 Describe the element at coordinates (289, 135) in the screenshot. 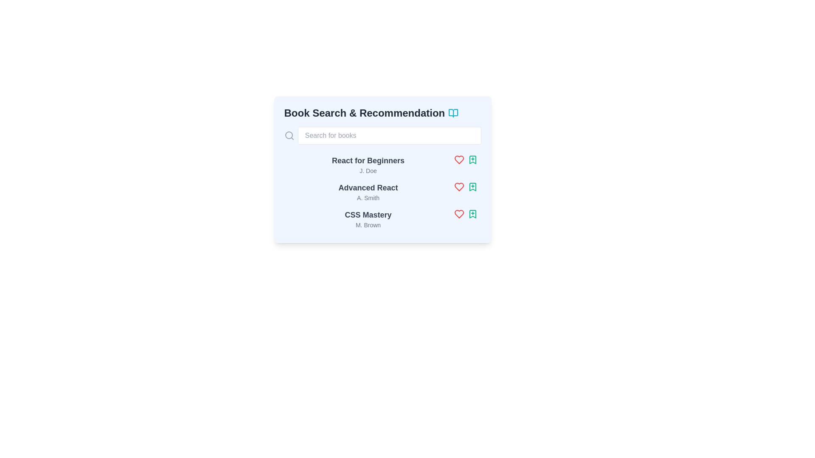

I see `the innermost circular part of the search icon that represents the lens of the magnifying glass in the interface` at that location.